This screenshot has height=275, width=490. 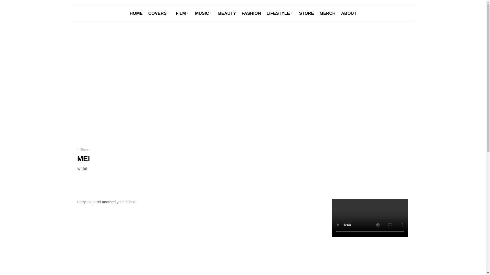 What do you see at coordinates (192, 13) in the screenshot?
I see `'MUSIC'` at bounding box center [192, 13].